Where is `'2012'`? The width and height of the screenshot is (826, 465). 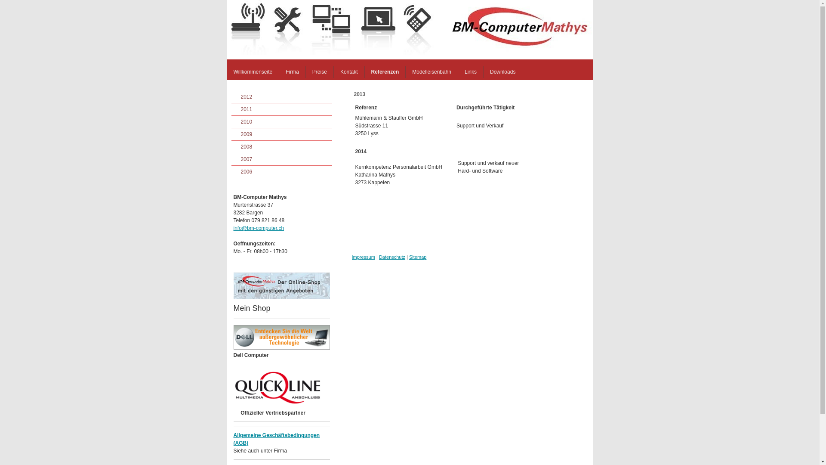
'2012' is located at coordinates (281, 97).